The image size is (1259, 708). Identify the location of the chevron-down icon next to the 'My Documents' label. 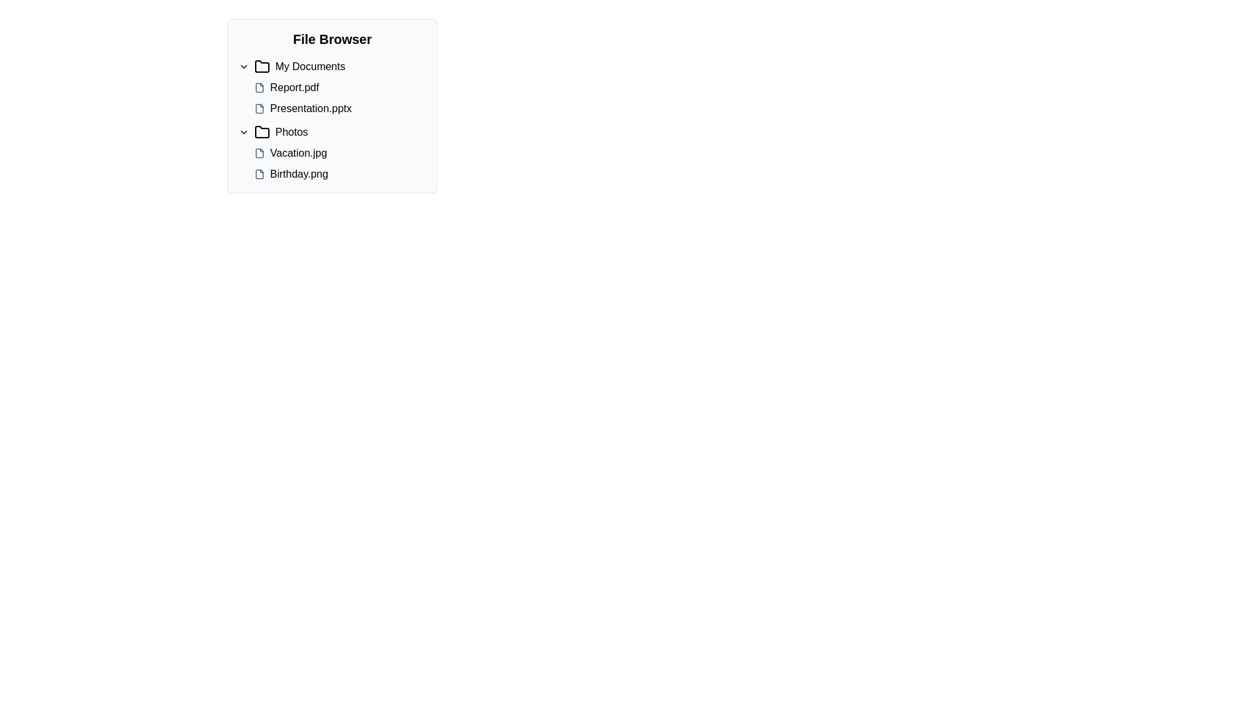
(244, 66).